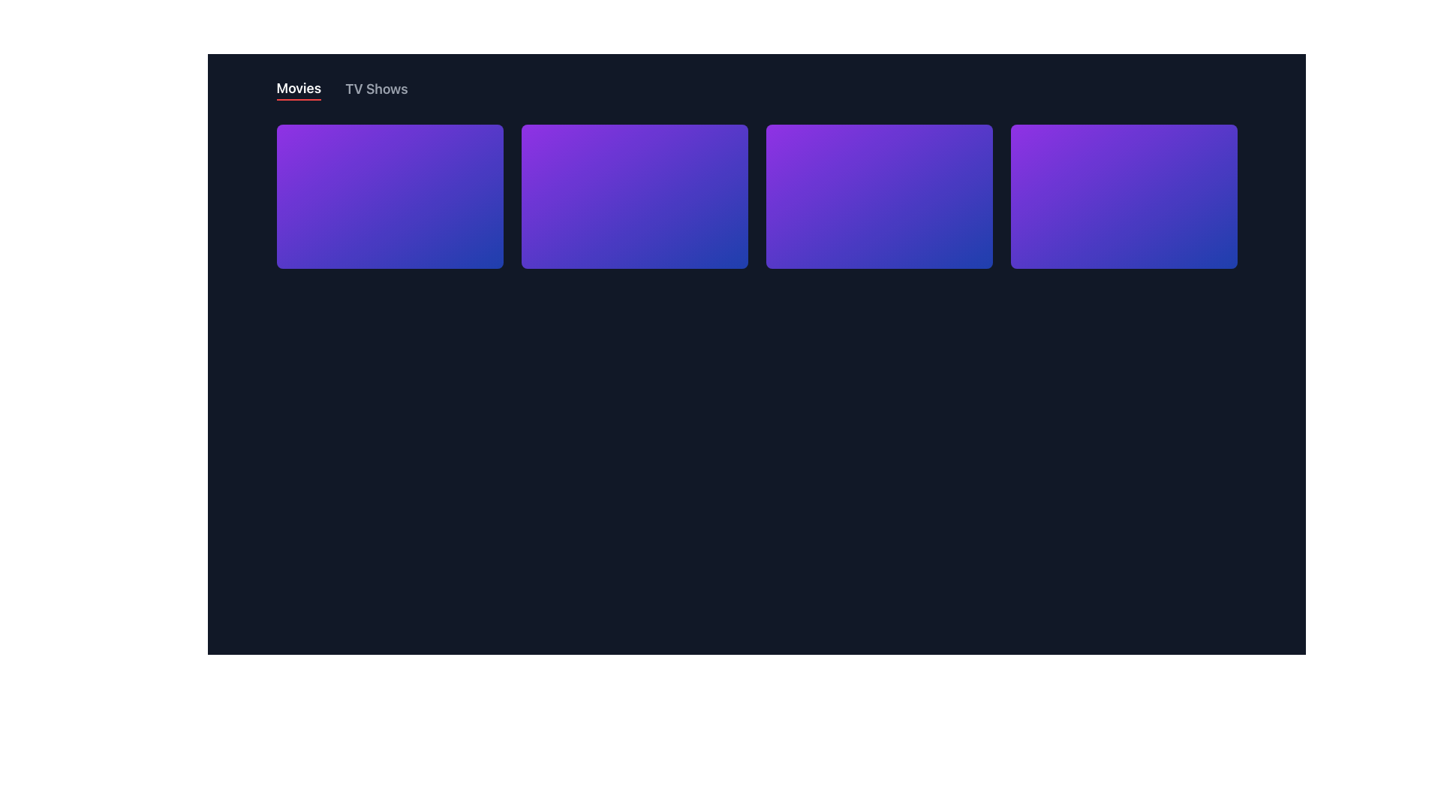 The image size is (1441, 811). I want to click on clock icon element, represented by a minimalist circular outline with a clock hand, located to the immediate left of the '2h 28m' text, so click(332, 216).